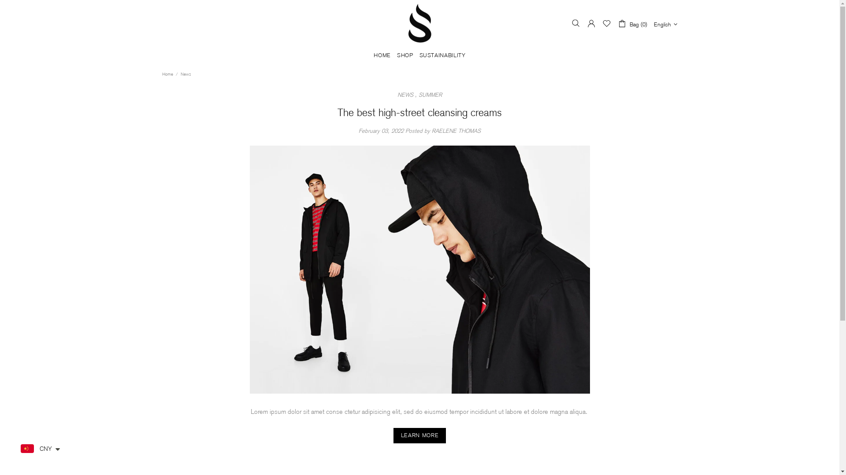  What do you see at coordinates (382, 55) in the screenshot?
I see `'HOME'` at bounding box center [382, 55].